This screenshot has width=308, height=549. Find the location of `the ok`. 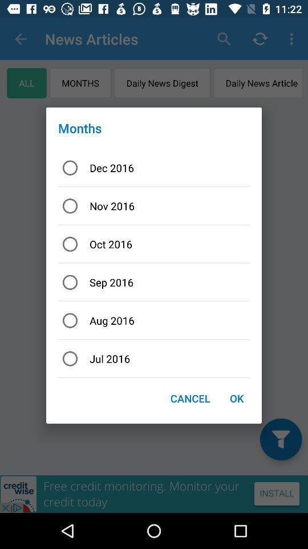

the ok is located at coordinates (236, 398).